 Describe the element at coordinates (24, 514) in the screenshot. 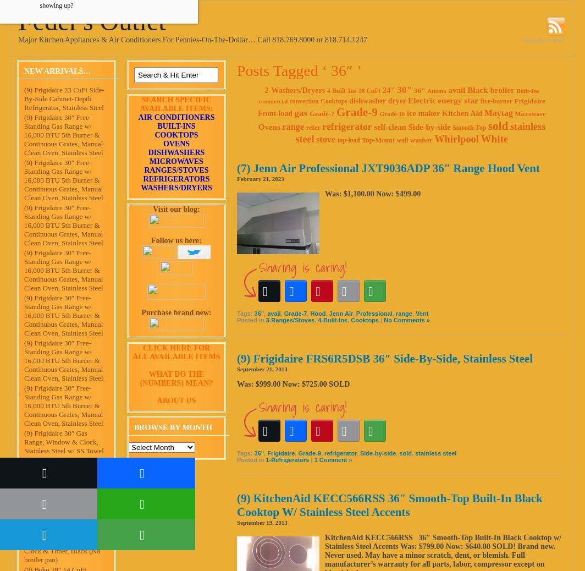

I see `'(9) Frigidaire 30″ Free-Standing Electric Range, Black'` at that location.